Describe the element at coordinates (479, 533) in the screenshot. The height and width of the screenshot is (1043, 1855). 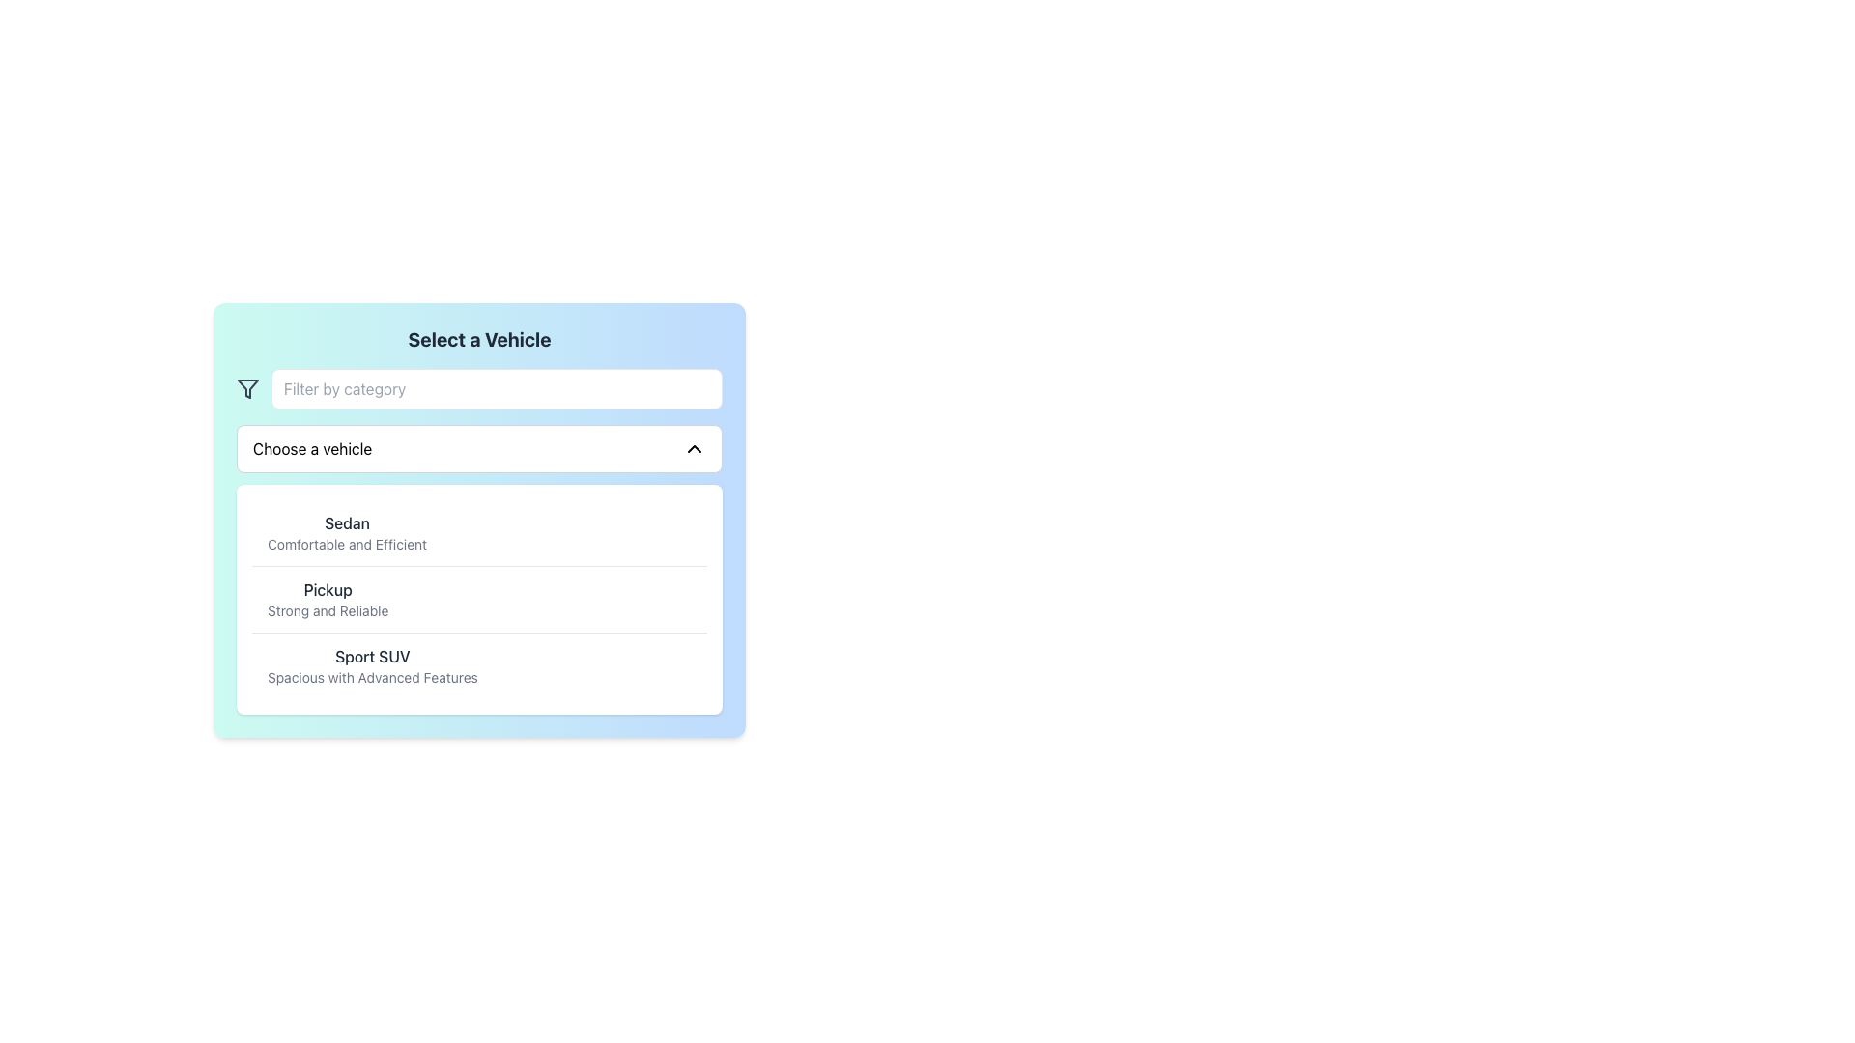
I see `the first list item under the 'Choose a vehicle' dropdown that identifies the 'Sedan' vehicle type` at that location.